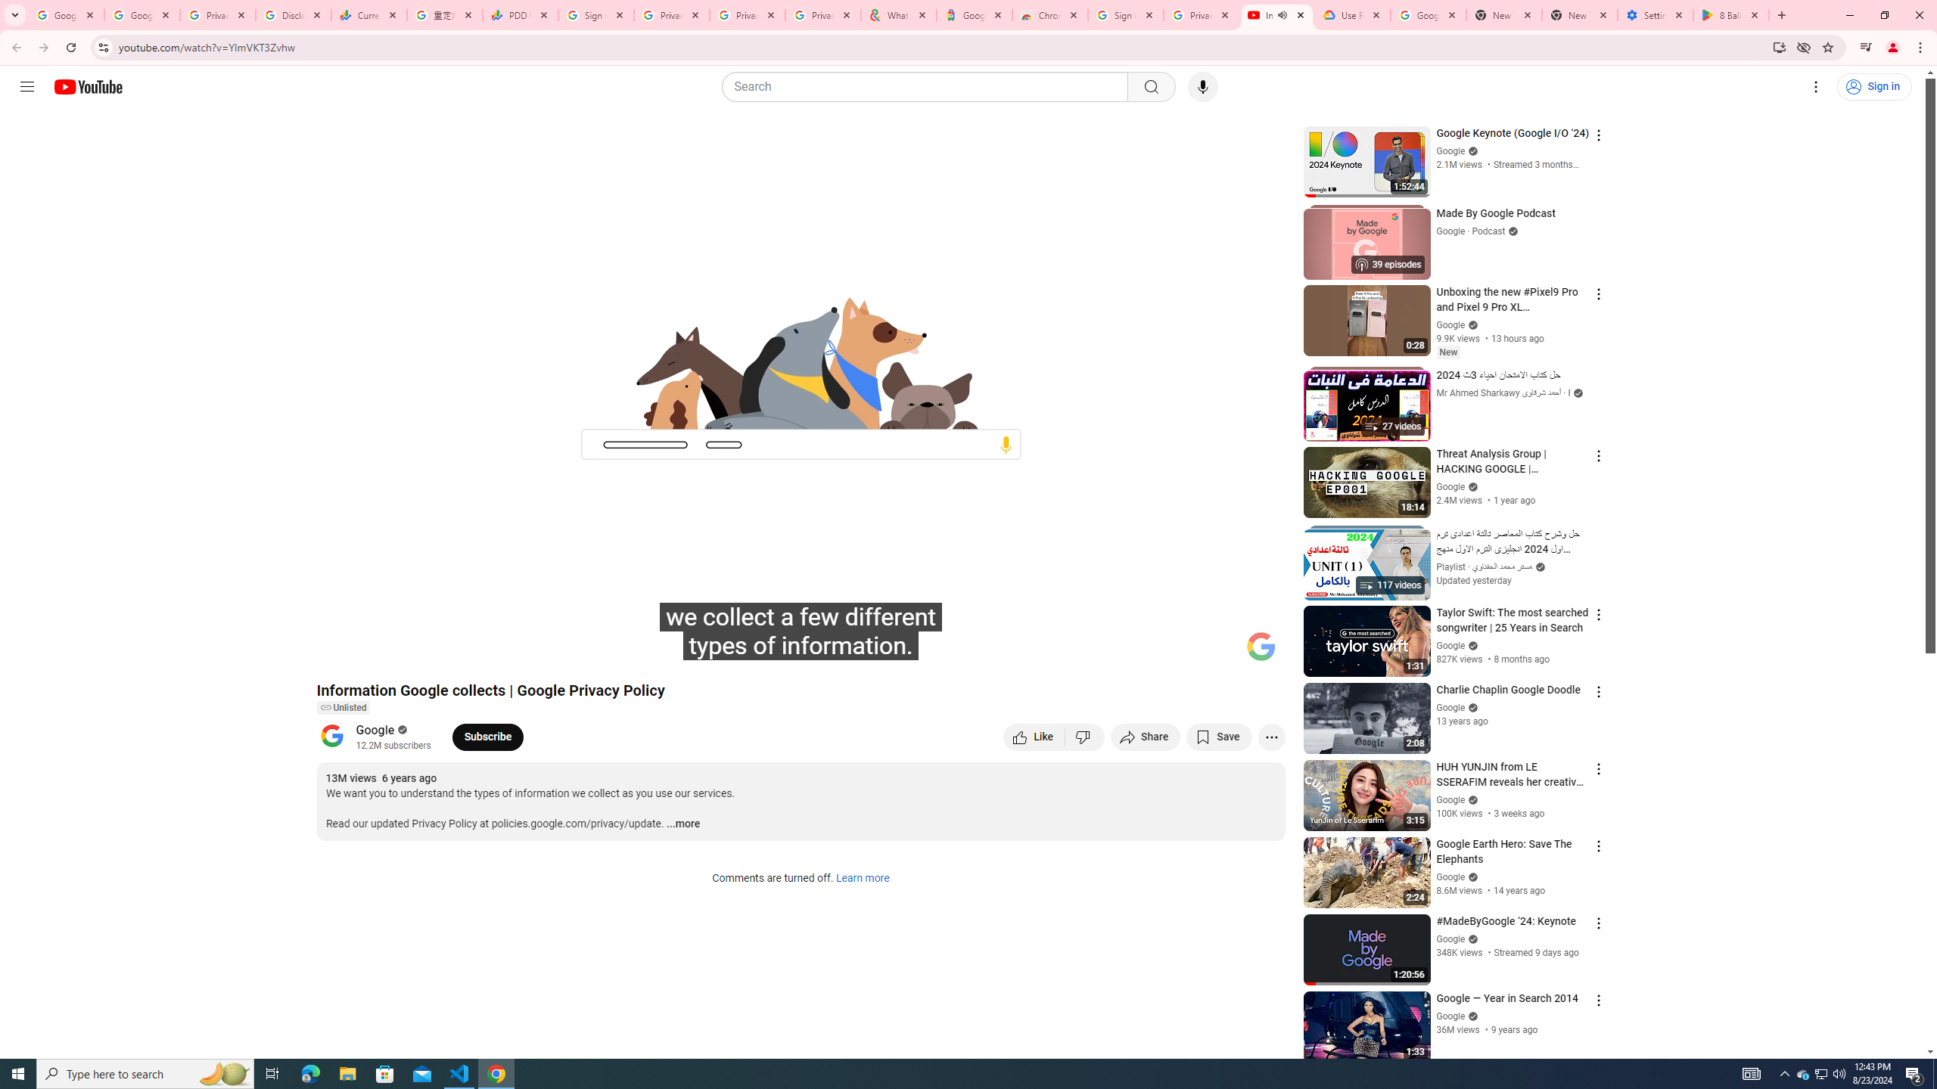  I want to click on 'Subscribe to Google.', so click(487, 736).